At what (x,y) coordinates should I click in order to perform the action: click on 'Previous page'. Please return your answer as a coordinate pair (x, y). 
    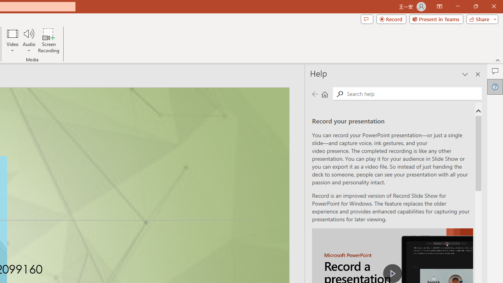
    Looking at the image, I should click on (315, 94).